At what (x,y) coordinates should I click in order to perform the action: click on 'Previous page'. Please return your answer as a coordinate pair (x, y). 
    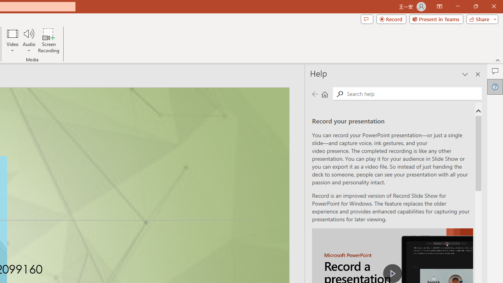
    Looking at the image, I should click on (315, 94).